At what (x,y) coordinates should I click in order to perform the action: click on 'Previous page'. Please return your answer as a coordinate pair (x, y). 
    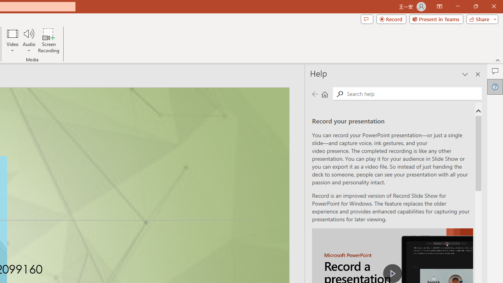
    Looking at the image, I should click on (315, 94).